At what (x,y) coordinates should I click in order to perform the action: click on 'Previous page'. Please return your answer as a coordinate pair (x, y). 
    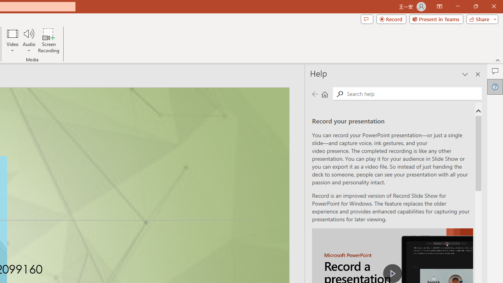
    Looking at the image, I should click on (315, 94).